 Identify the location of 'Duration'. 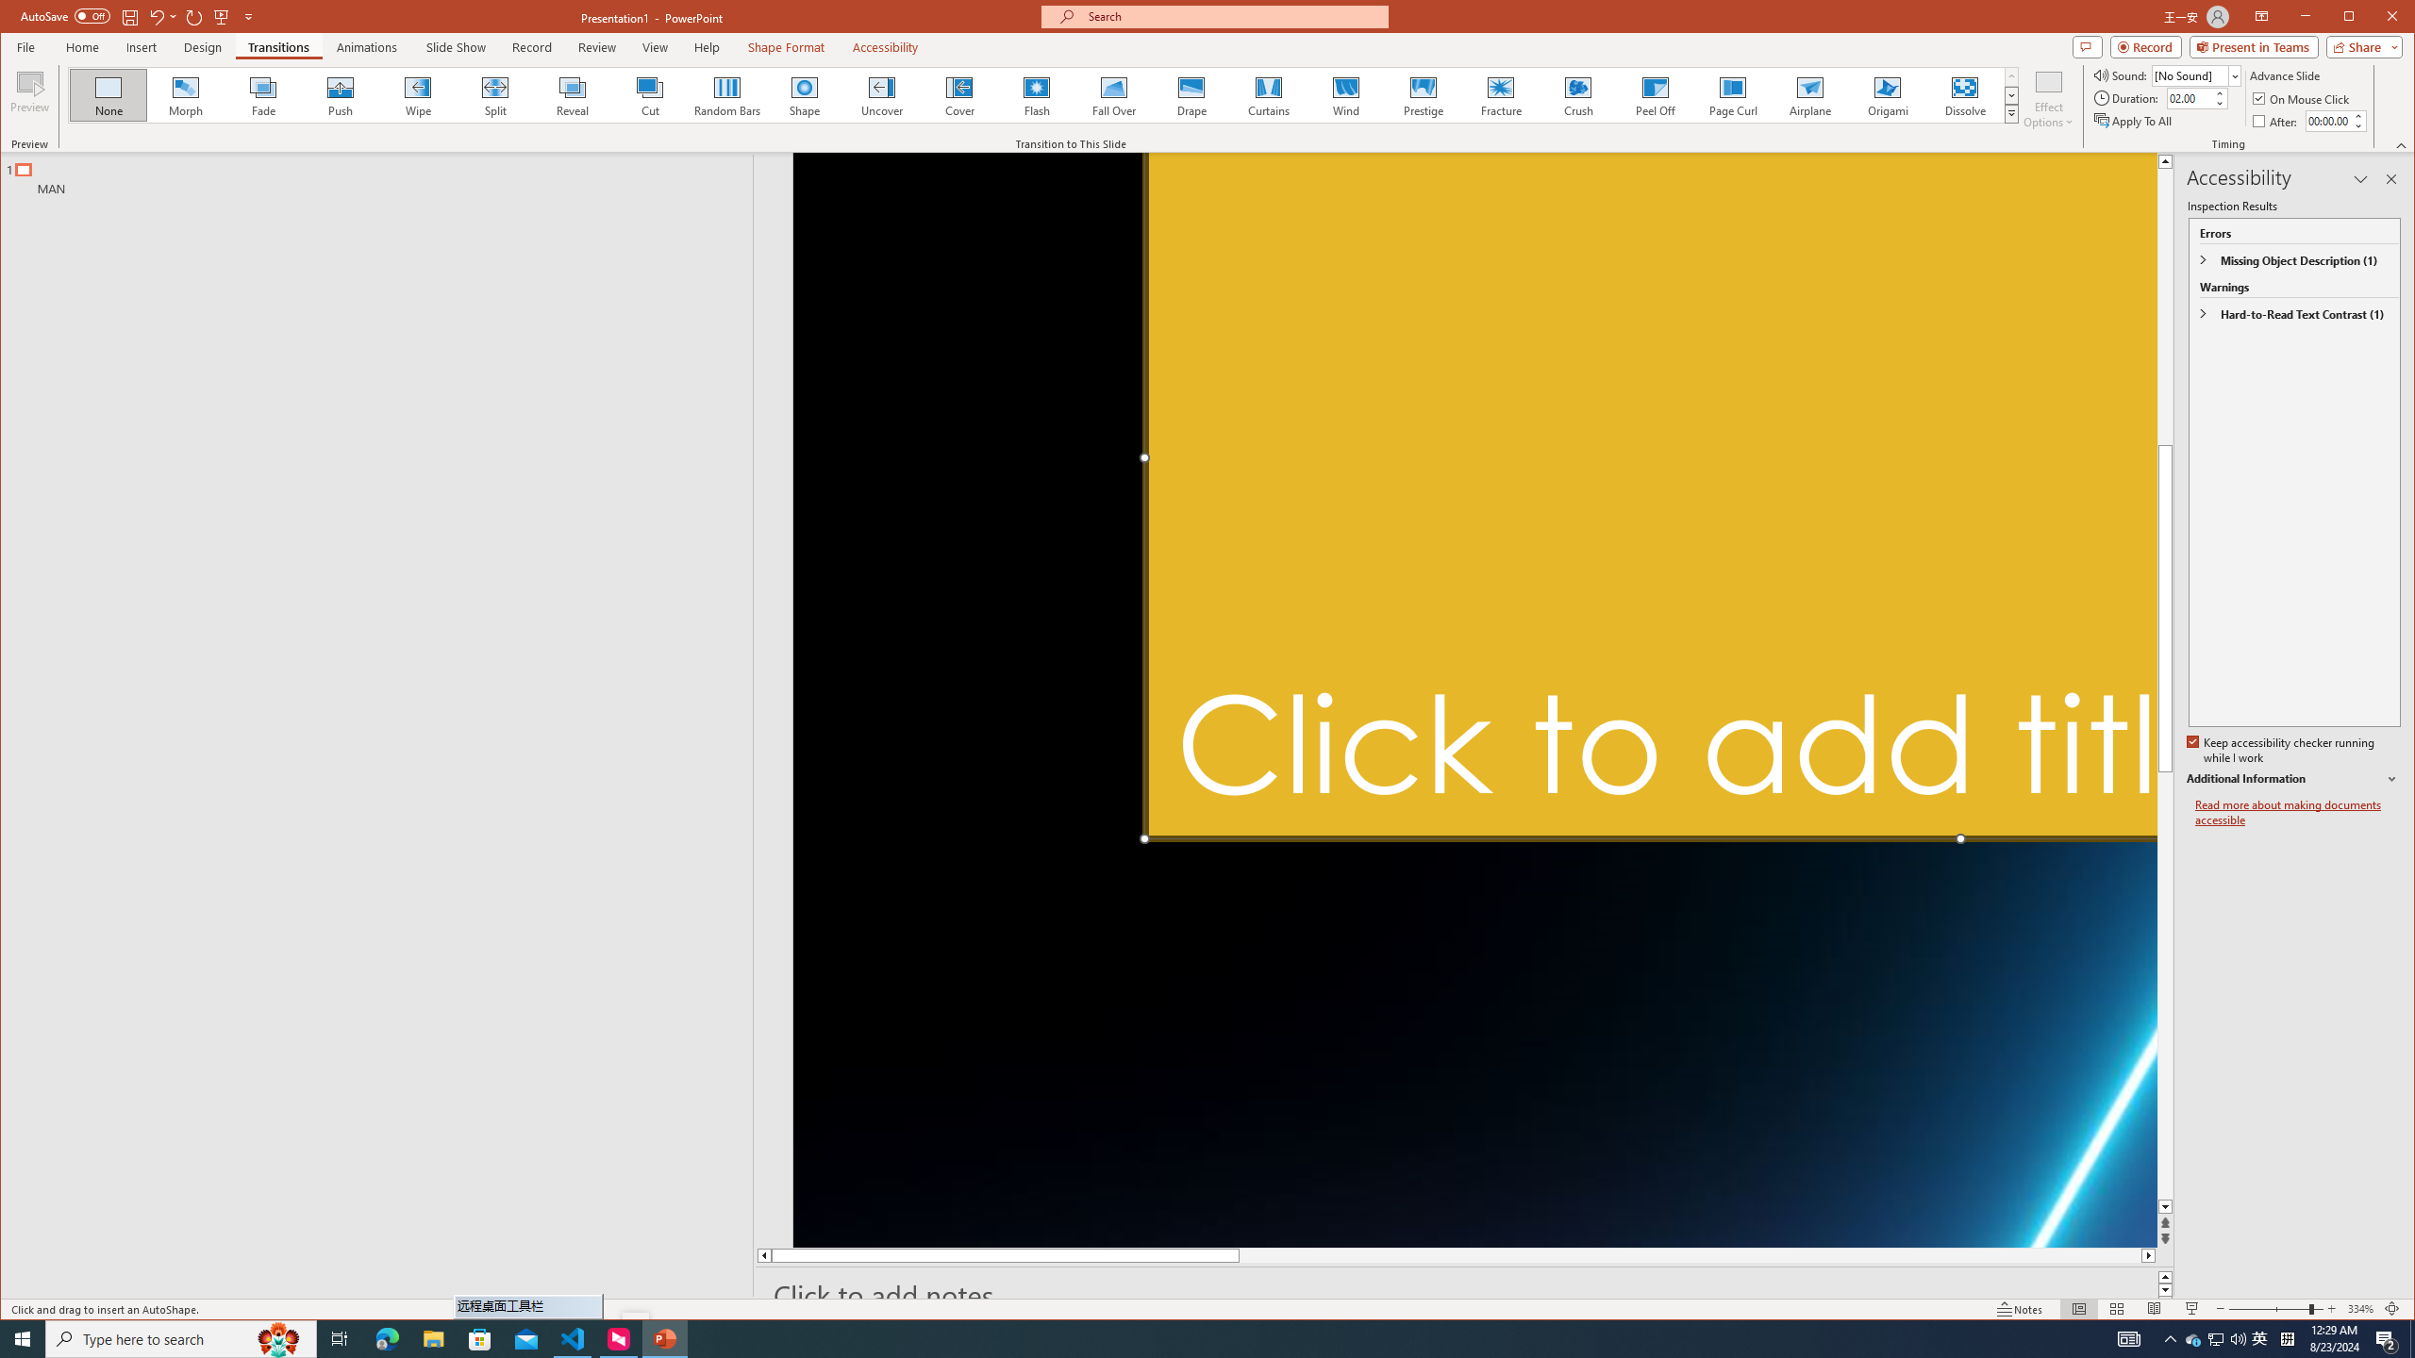
(2189, 97).